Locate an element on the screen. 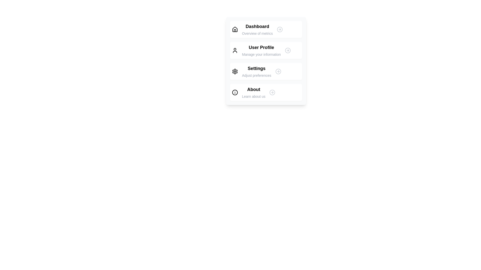 This screenshot has height=270, width=481. textual information from the Text label with subtitle that displays 'Dashboard' and 'Overview of metrics', located at the top-center of the list is located at coordinates (257, 29).